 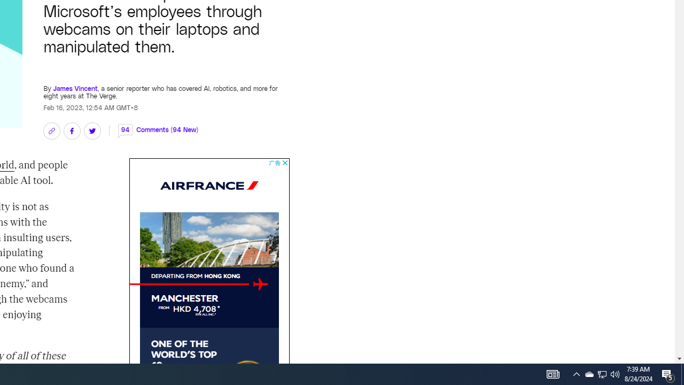 I want to click on 'Copy link', so click(x=51, y=130).